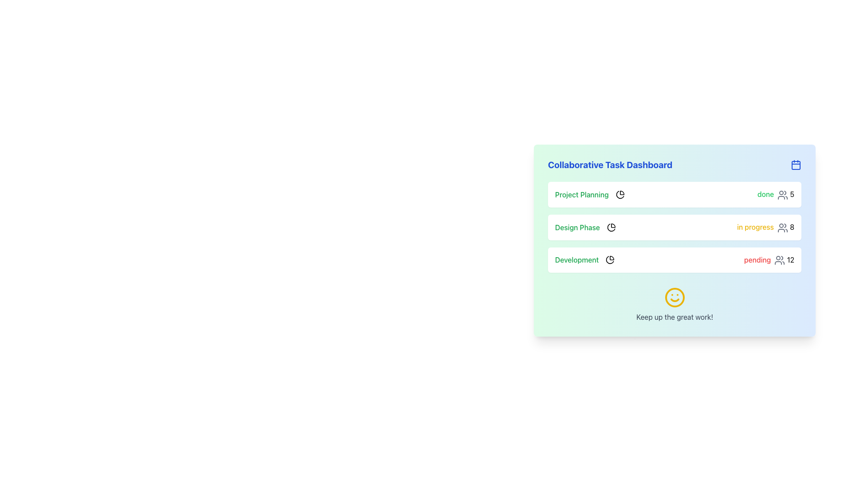 This screenshot has width=852, height=479. What do you see at coordinates (577, 259) in the screenshot?
I see `the static text label displaying the word 'Development', which is the third item in a vertically arranged list of task statuses` at bounding box center [577, 259].